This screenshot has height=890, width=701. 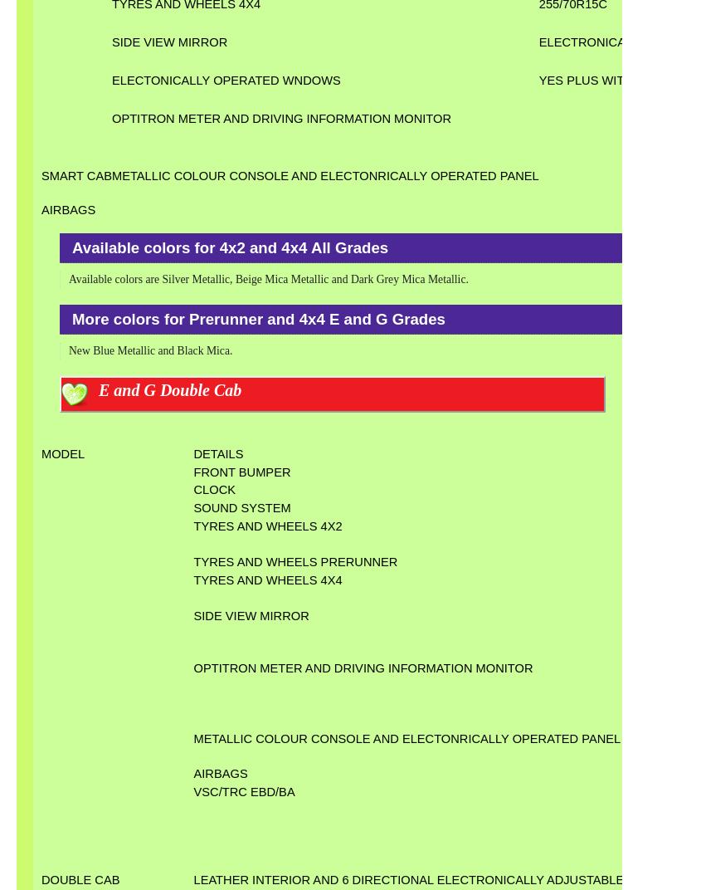 I want to click on 'SMART 
							   CAB', so click(x=76, y=176).